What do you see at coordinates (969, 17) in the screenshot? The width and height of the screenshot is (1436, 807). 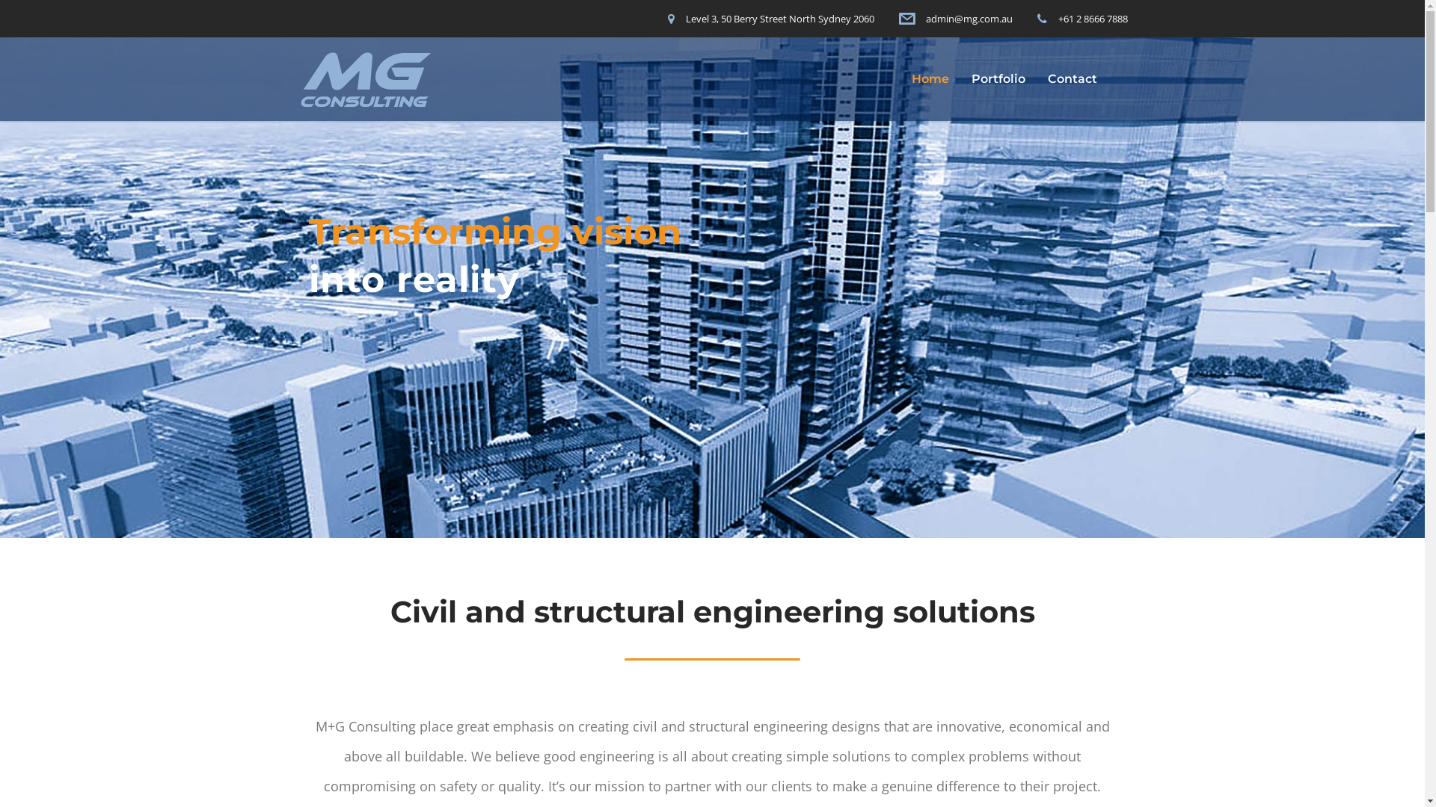 I see `'admin@mg.com.au'` at bounding box center [969, 17].